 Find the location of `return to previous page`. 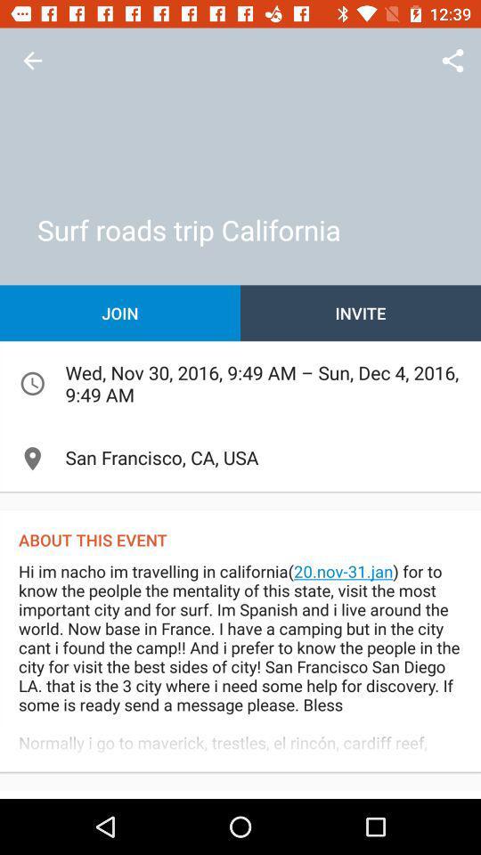

return to previous page is located at coordinates (32, 61).